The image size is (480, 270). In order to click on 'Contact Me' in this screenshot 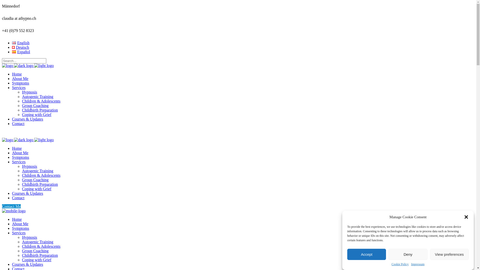, I will do `click(2, 206)`.